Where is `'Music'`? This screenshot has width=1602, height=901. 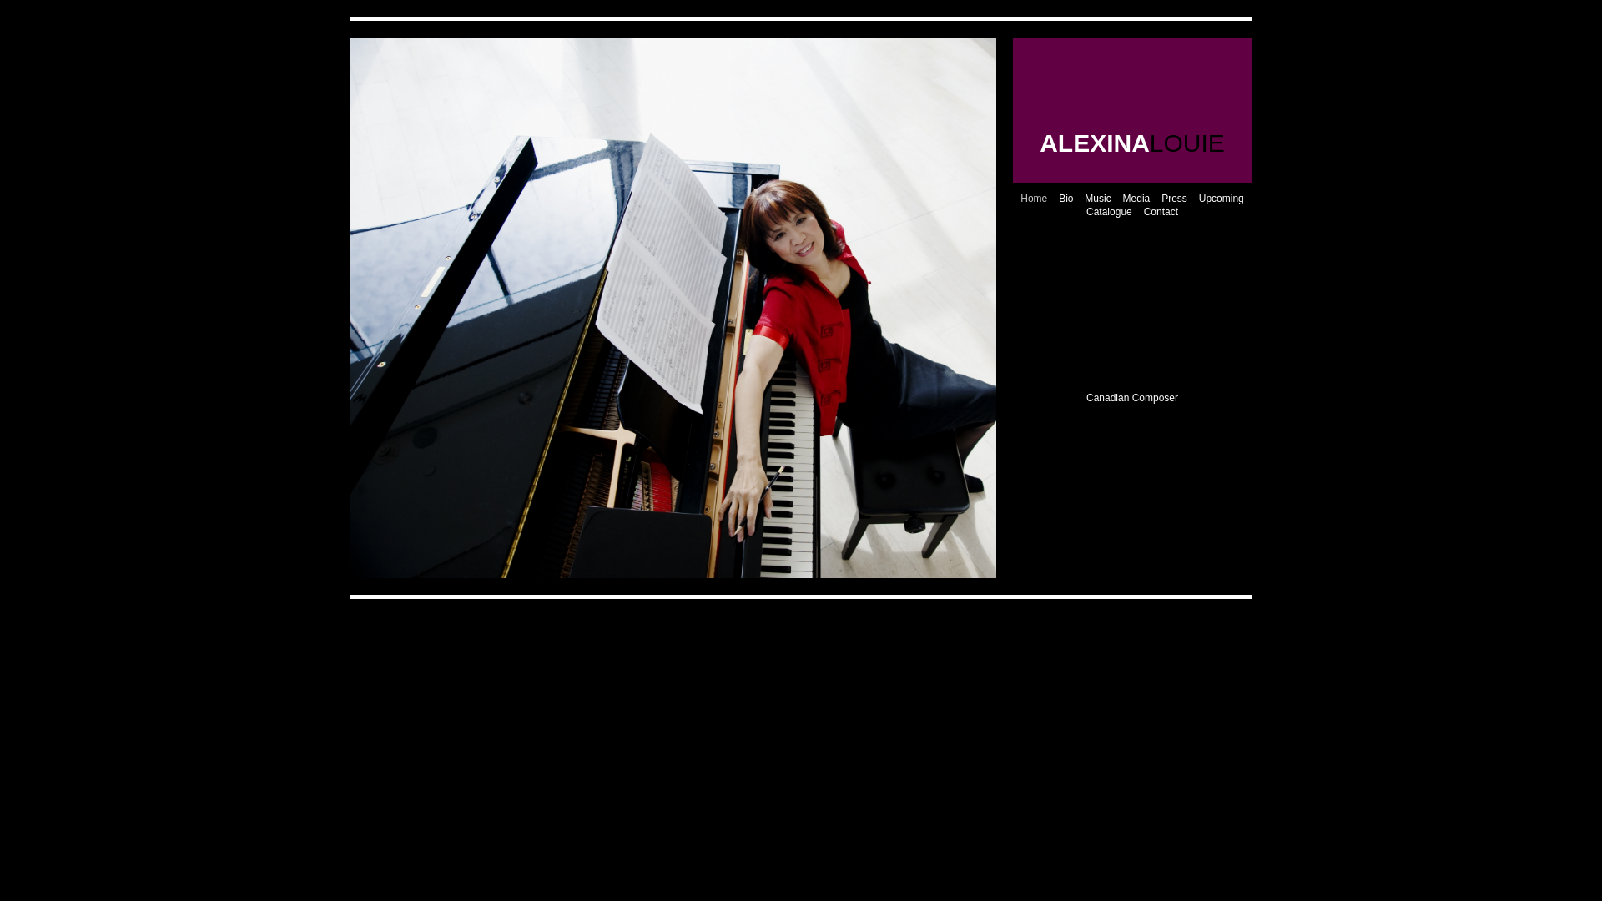 'Music' is located at coordinates (1085, 198).